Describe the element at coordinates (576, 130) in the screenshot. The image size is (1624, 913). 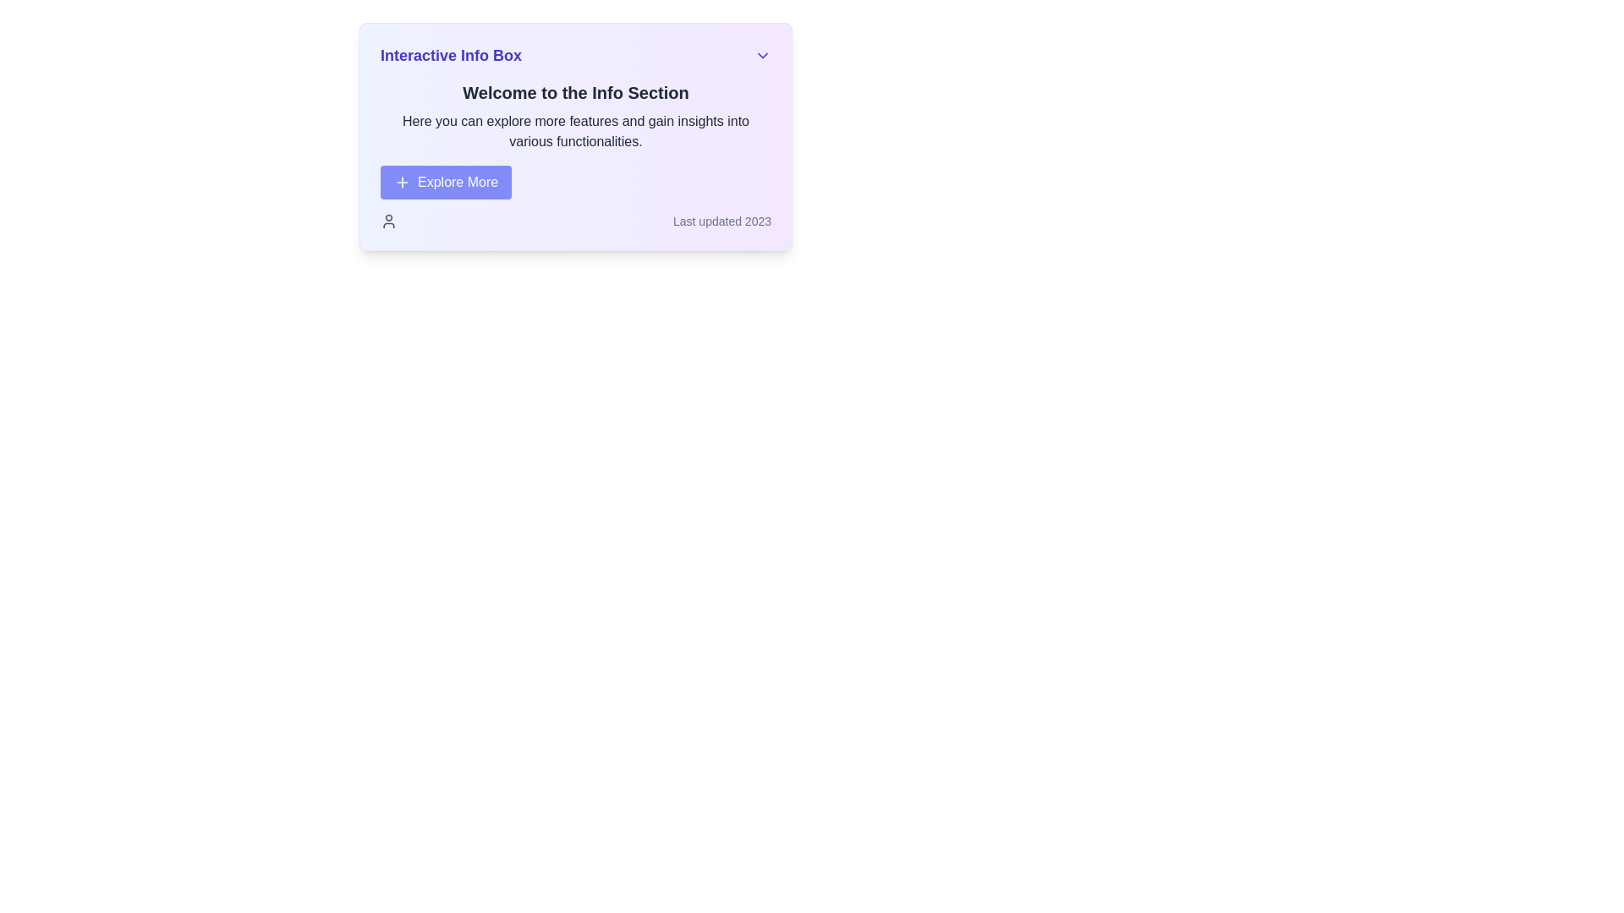
I see `descriptive text content located directly beneath the header 'Welcome to the Info Section' and above the 'Explore More' button` at that location.